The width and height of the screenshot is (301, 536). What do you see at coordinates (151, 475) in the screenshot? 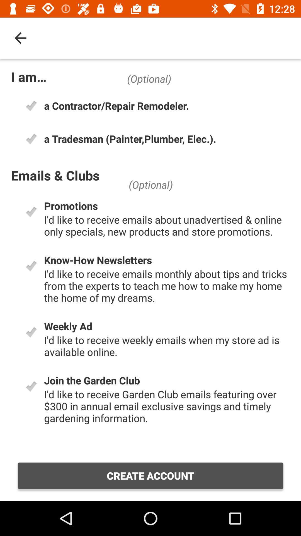
I see `the icon below i d like item` at bounding box center [151, 475].